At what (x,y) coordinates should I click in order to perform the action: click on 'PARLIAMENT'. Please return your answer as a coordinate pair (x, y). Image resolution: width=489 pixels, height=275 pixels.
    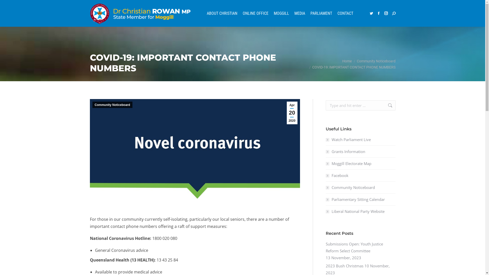
    Looking at the image, I should click on (320, 13).